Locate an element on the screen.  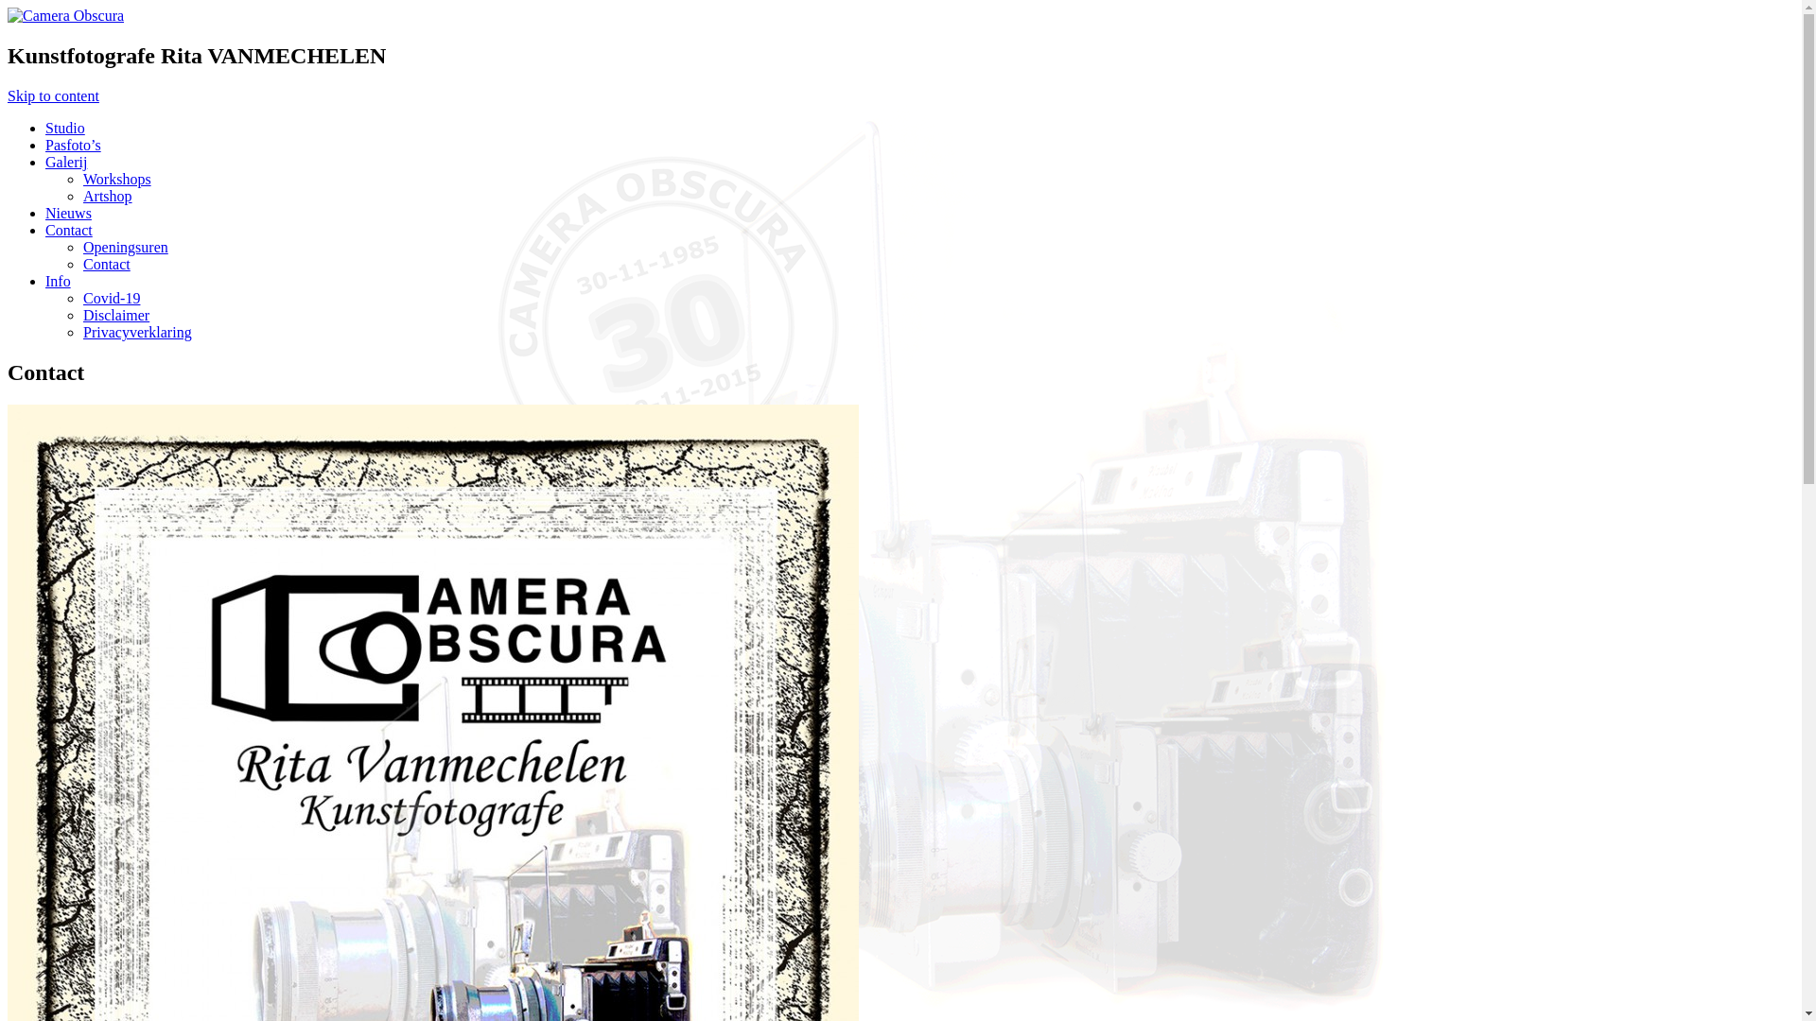
'Artshop' is located at coordinates (81, 196).